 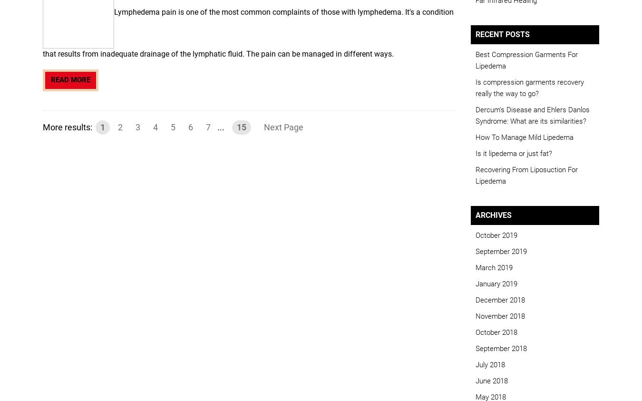 What do you see at coordinates (475, 88) in the screenshot?
I see `'Is compression garments recovery really the way to go?'` at bounding box center [475, 88].